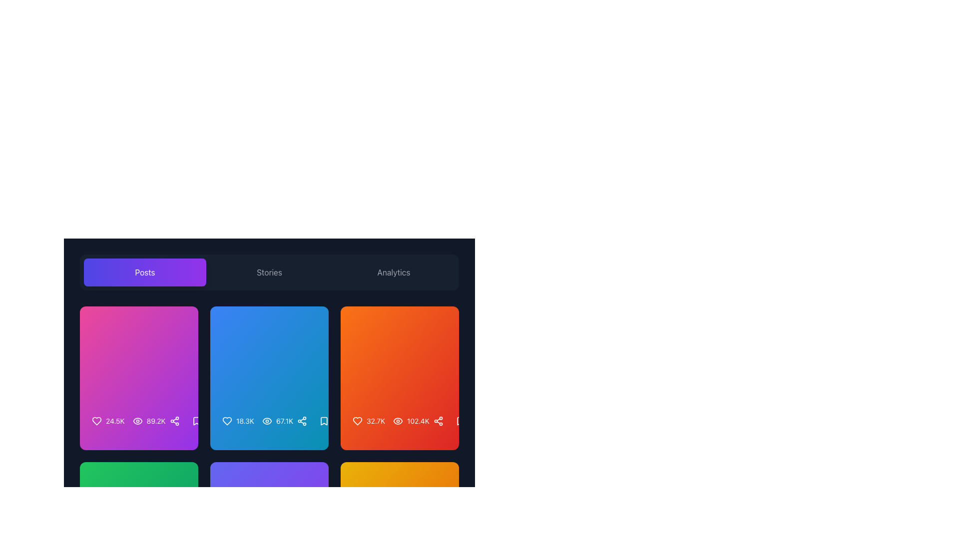 The image size is (959, 539). I want to click on the Labels with descriptive icons that display social metrics (likes and views) located in the orange card on the third position in the top row of the grid of cards, so click(400, 421).